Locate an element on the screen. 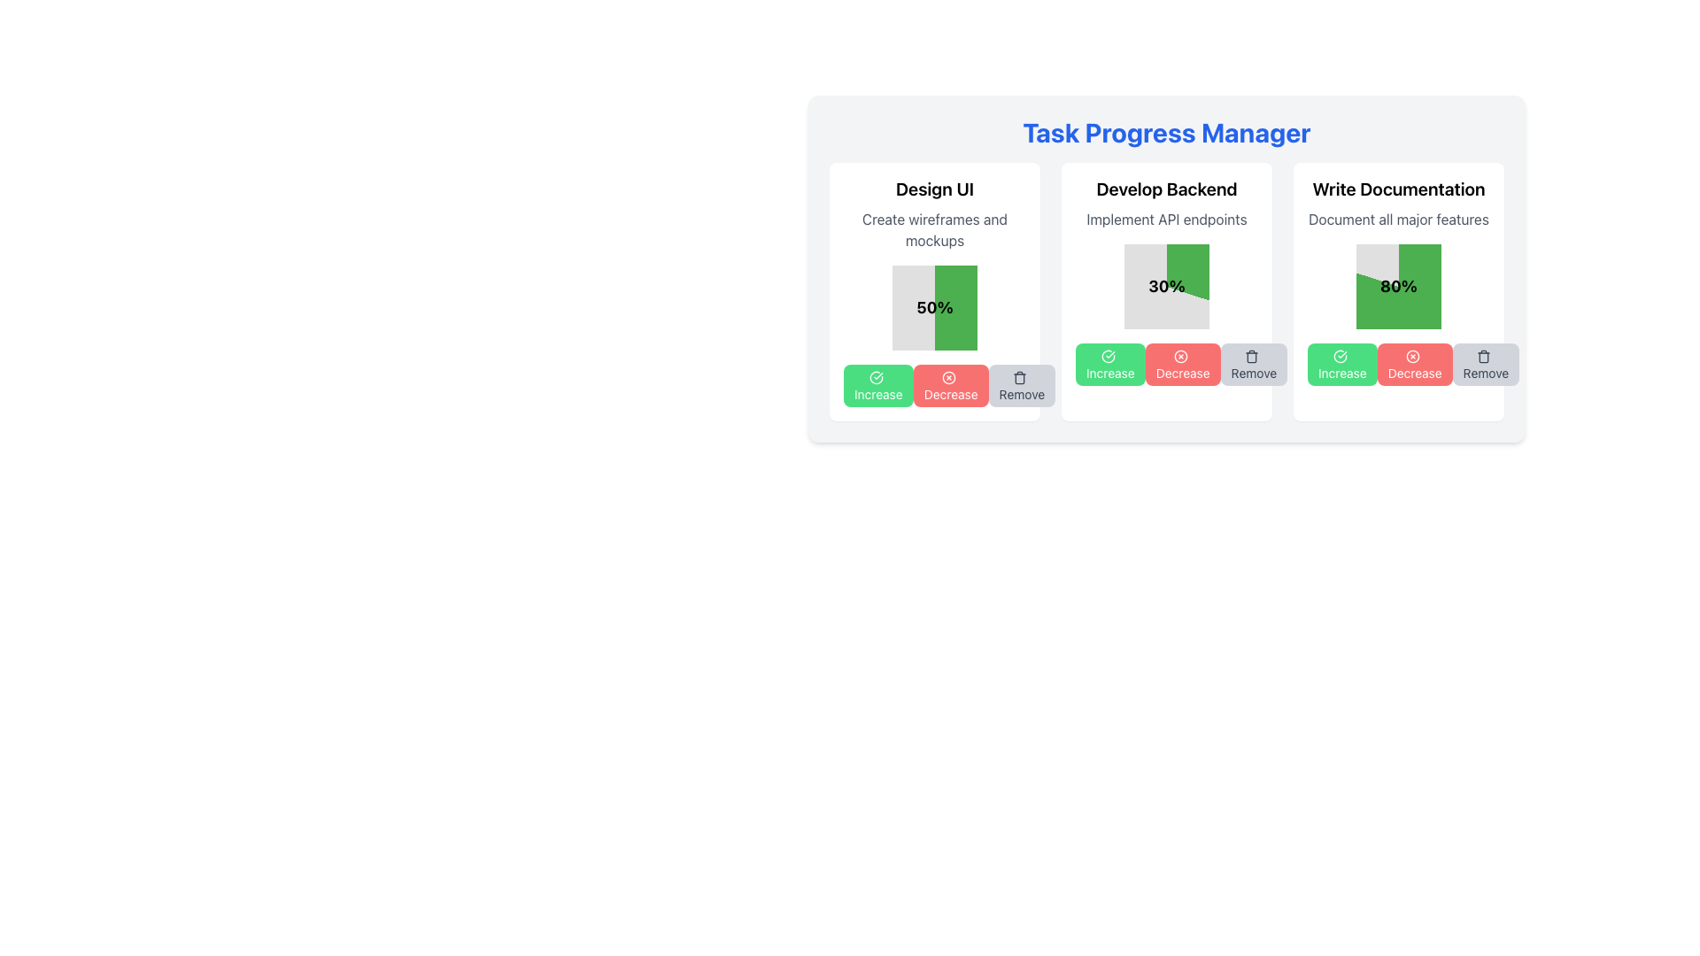 The width and height of the screenshot is (1700, 956). the red circular button with an 'X' symbol, which is located within the 'Decrease' button of the Task Progress Manager interface is located at coordinates (948, 377).